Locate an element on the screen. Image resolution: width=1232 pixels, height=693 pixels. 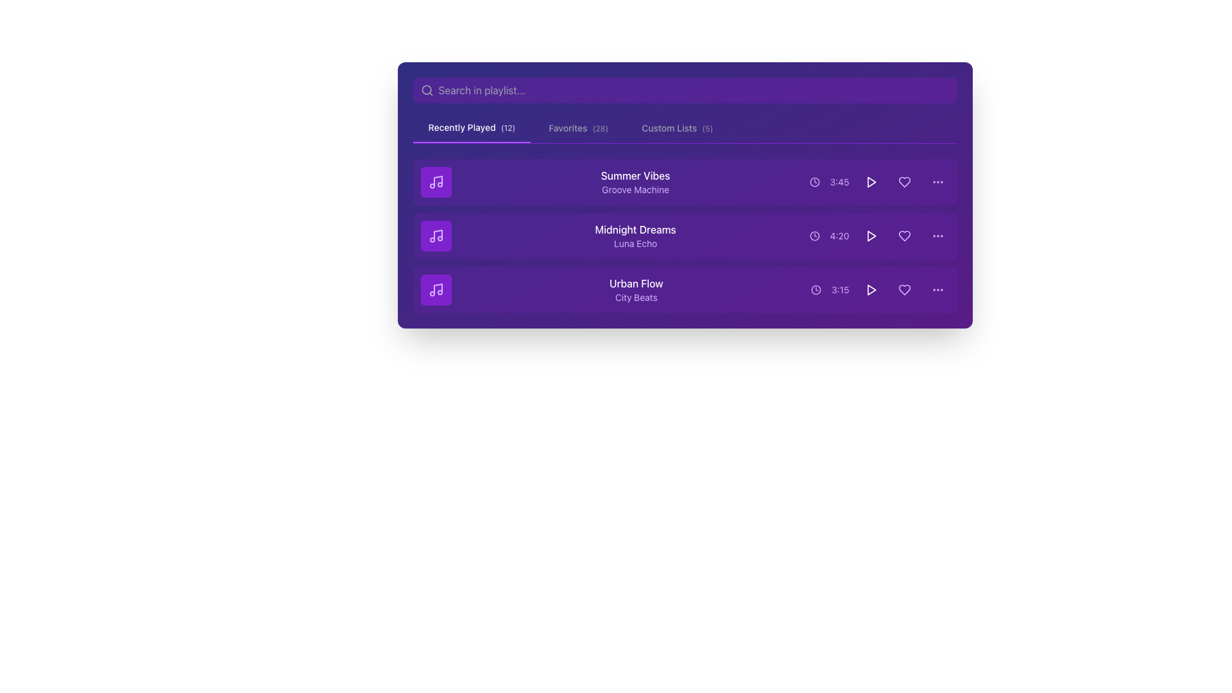
the text label styled in white font with the words 'Midnight Dreams', which is displayed over a purple background and serves as the title text for an item in the list is located at coordinates (635, 229).